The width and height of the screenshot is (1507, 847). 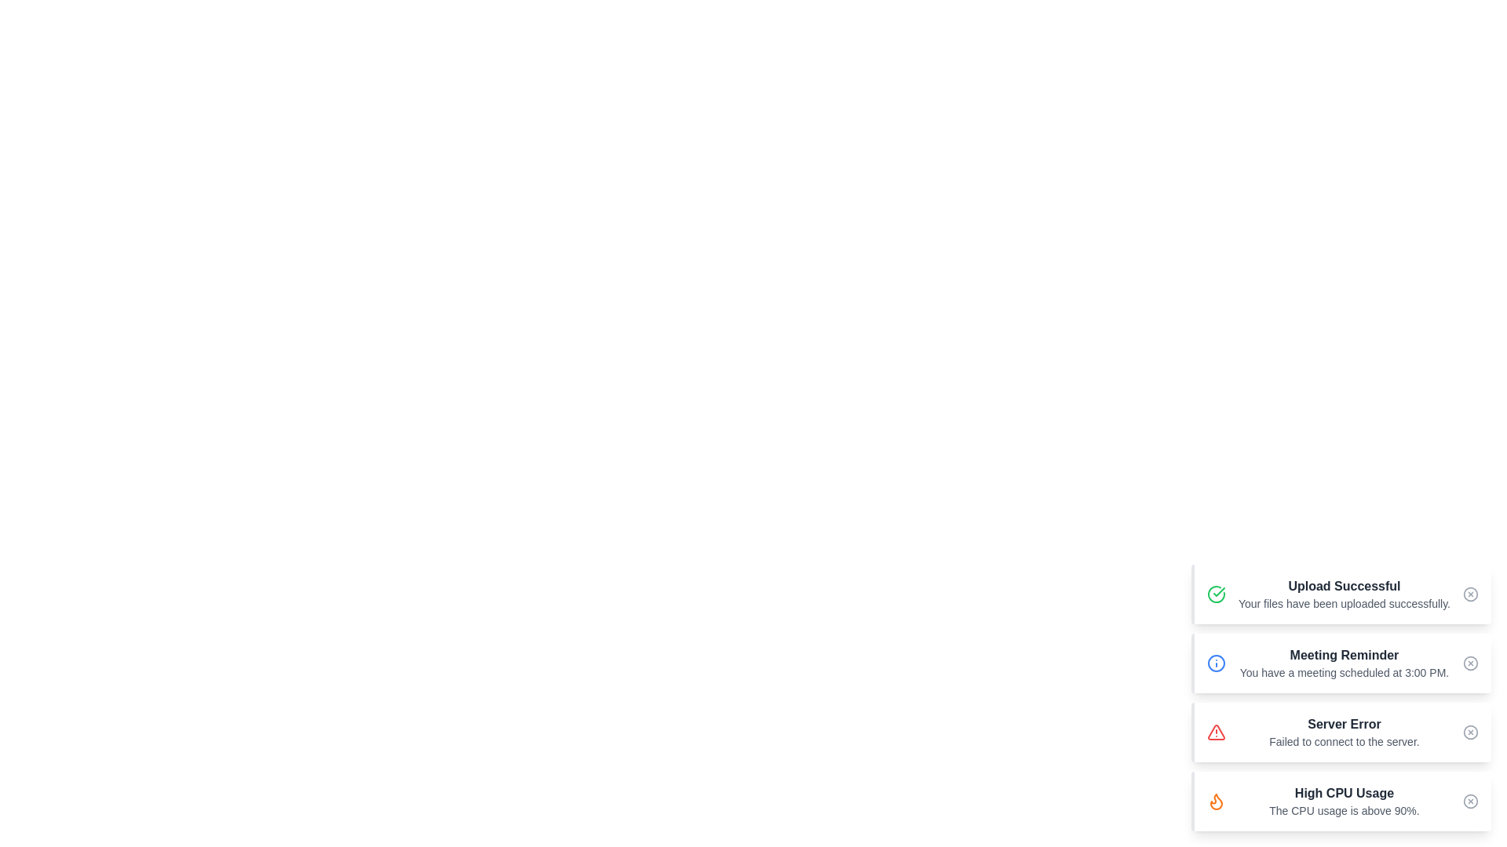 I want to click on the alert with title Server Error to activate the hover effect, so click(x=1340, y=732).